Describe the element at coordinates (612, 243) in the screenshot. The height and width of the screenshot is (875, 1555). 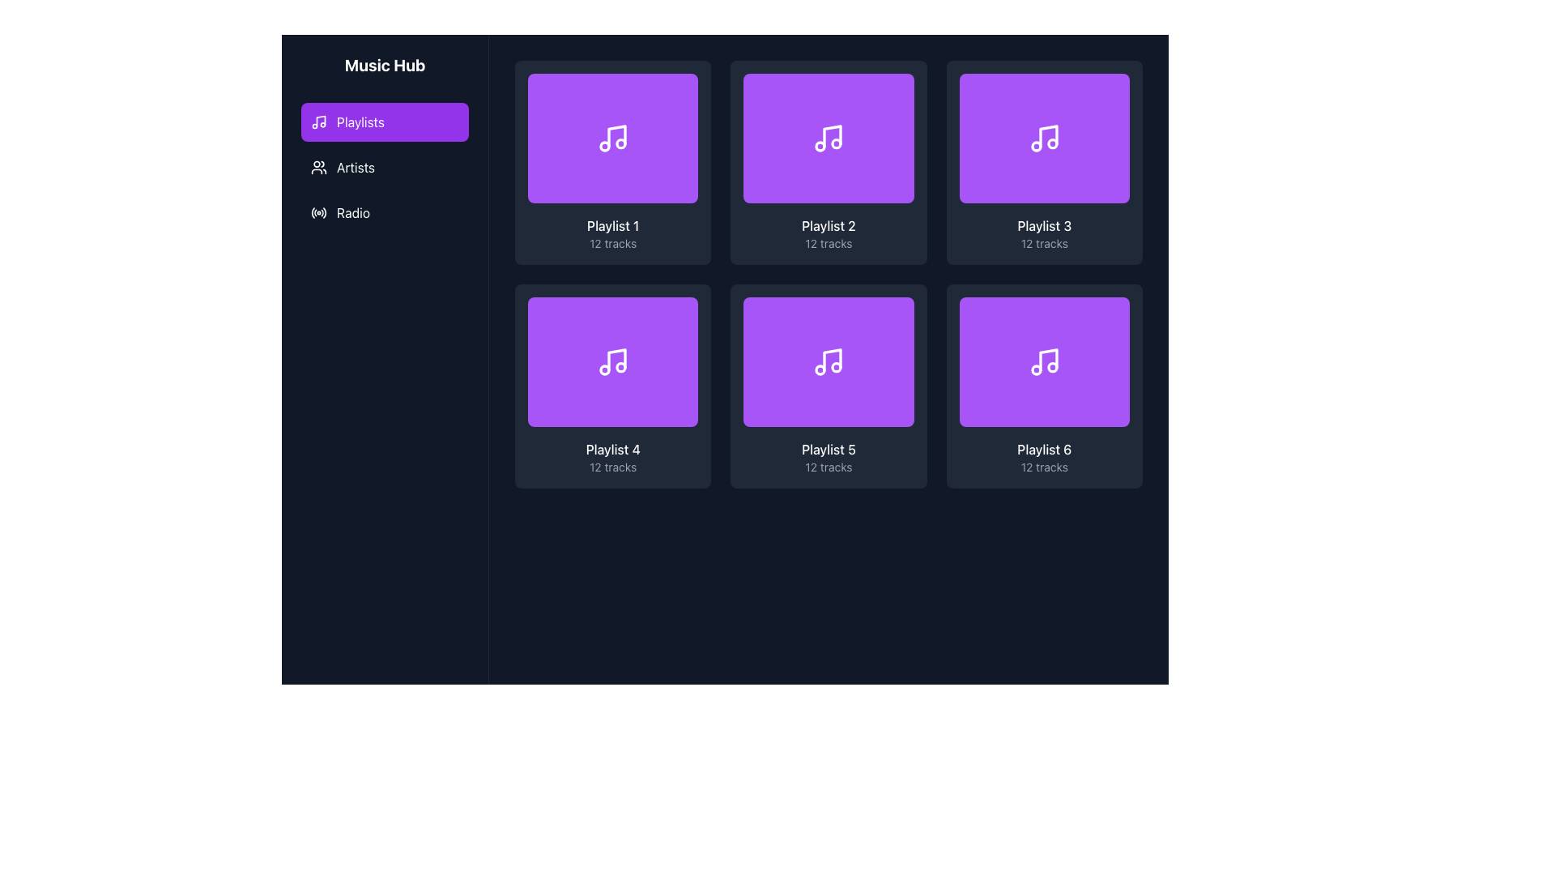
I see `the Text Label indicating the number of tracks in the playlist, located below the 'Playlist 1' title in the first playlist card` at that location.